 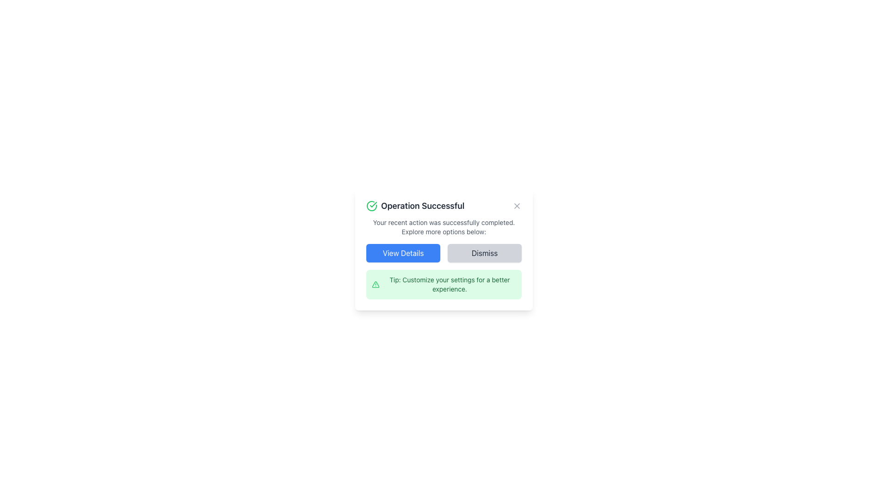 What do you see at coordinates (376, 284) in the screenshot?
I see `the alert/warning icon located to the left of the text 'Tip: Customize your settings for a better experience' in the bottom portion of the modal dialogue box for visual information` at bounding box center [376, 284].